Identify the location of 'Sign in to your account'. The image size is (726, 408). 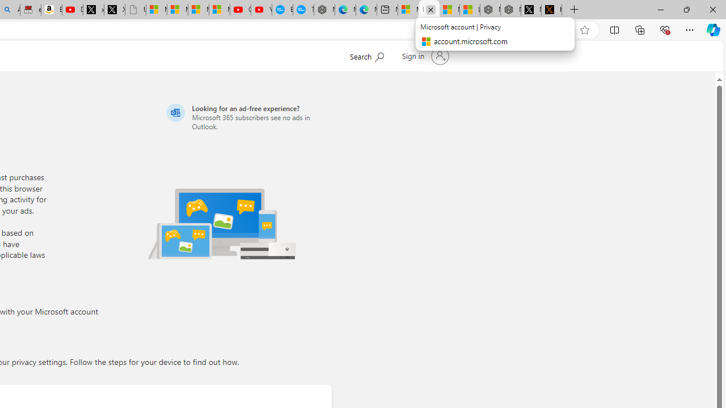
(424, 56).